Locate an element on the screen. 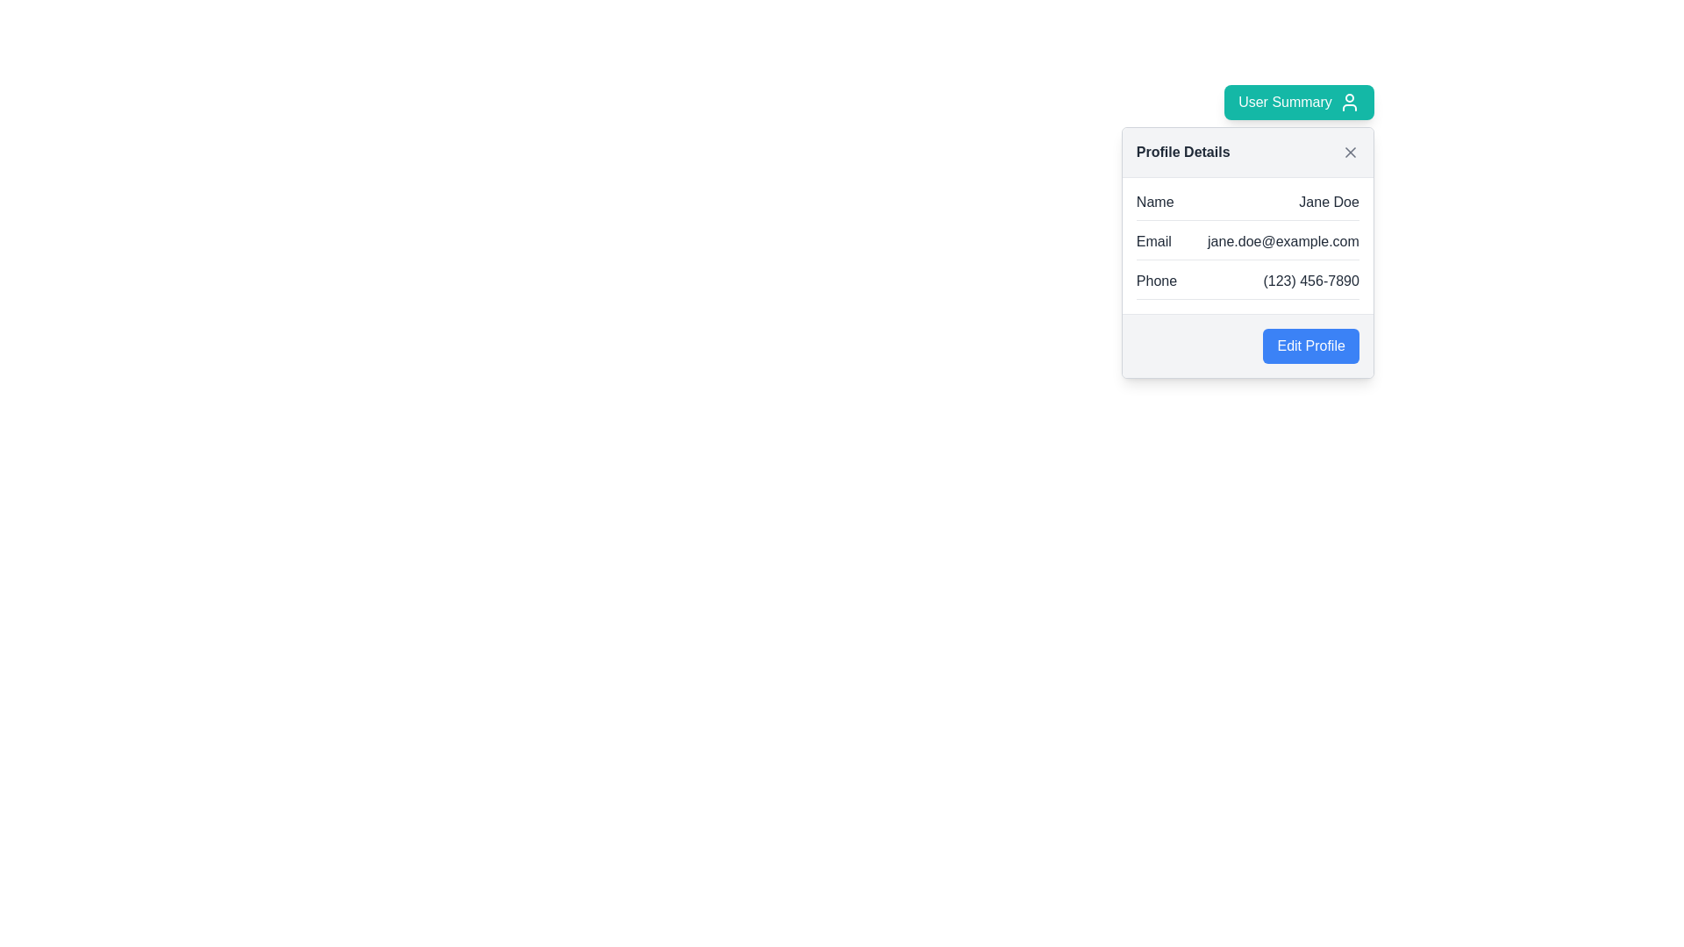 This screenshot has height=947, width=1684. the dismiss or close icon represented by an 'X' located in the upper-right corner of the 'Profile Details' card to trigger tooltip or visual feedback is located at coordinates (1349, 151).